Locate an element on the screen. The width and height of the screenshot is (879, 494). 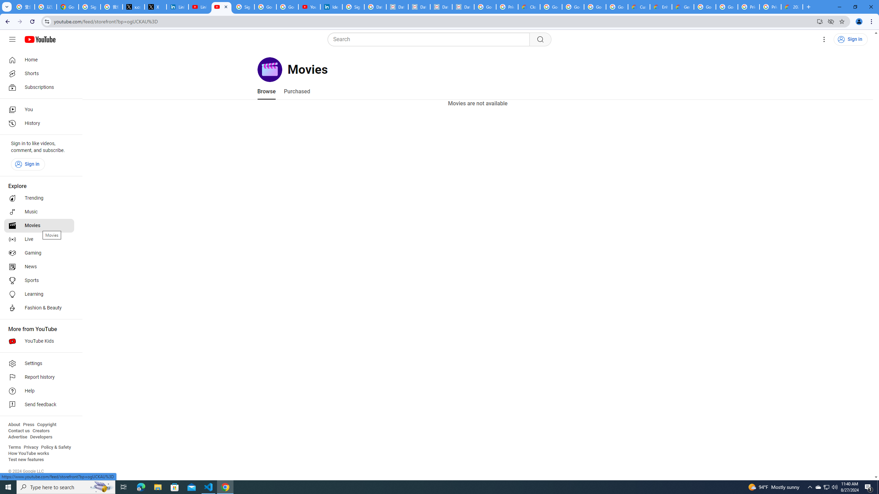
'Contact us' is located at coordinates (19, 431).